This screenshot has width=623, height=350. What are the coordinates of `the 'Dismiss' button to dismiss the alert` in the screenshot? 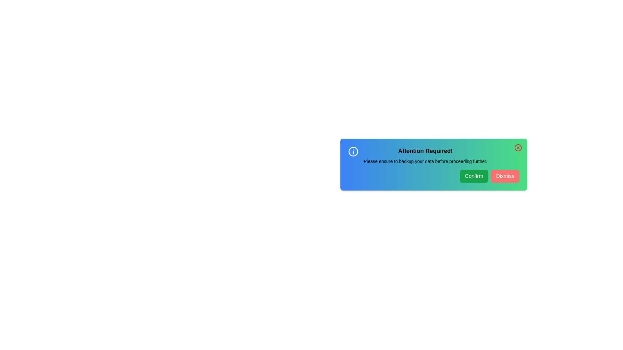 It's located at (505, 176).